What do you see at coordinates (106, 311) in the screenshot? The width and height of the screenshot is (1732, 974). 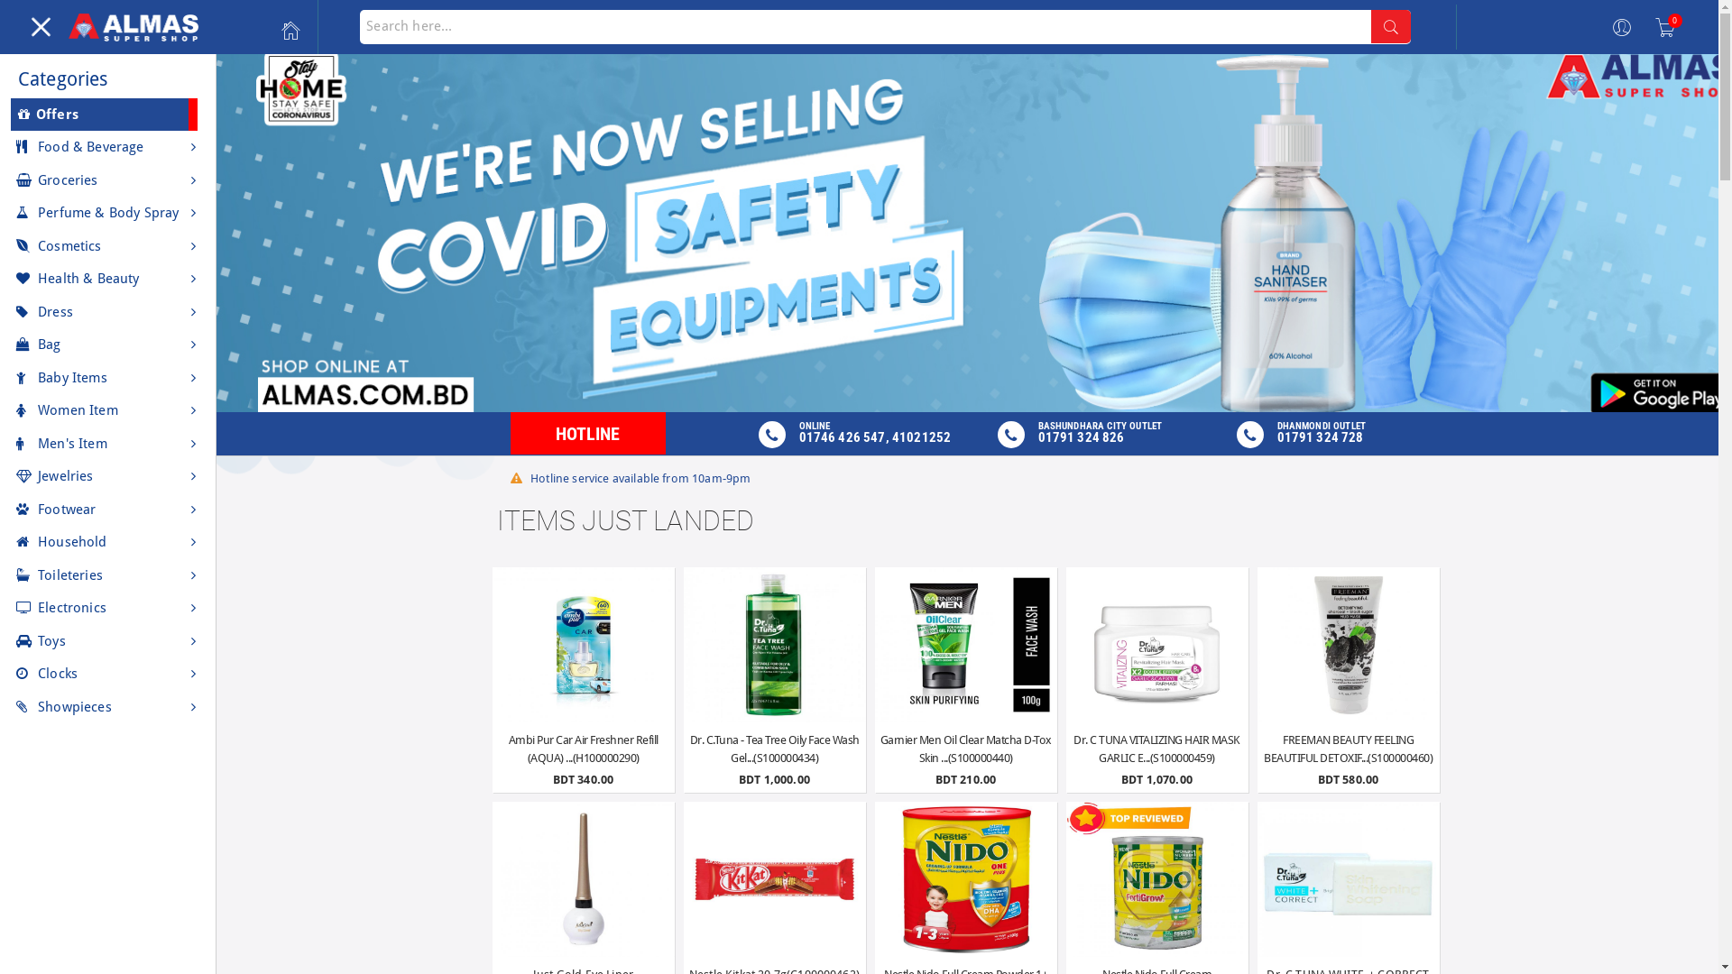 I see `'Dress'` at bounding box center [106, 311].